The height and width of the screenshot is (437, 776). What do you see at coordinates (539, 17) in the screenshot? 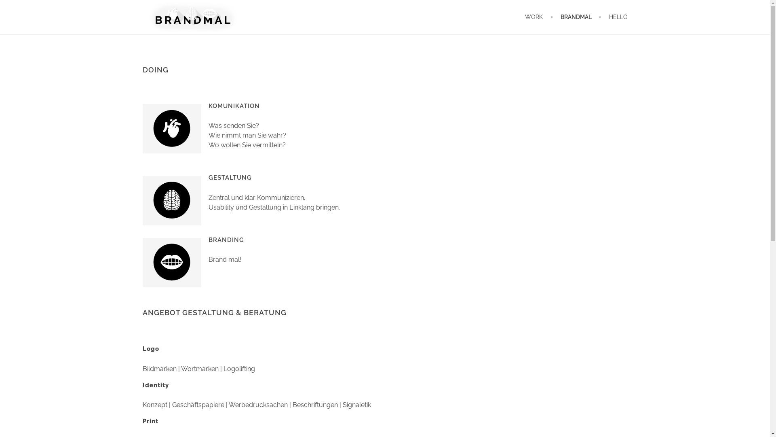
I see `'WORK'` at bounding box center [539, 17].